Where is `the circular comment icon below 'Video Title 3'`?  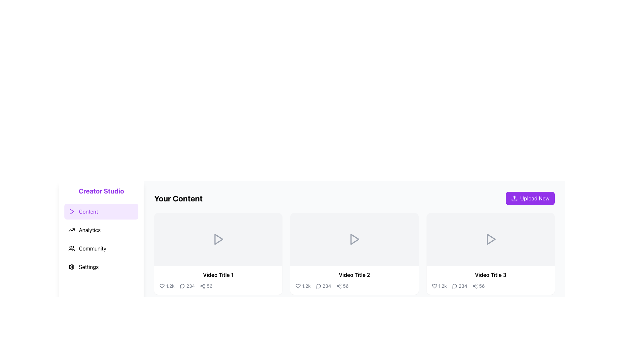
the circular comment icon below 'Video Title 3' is located at coordinates (454, 285).